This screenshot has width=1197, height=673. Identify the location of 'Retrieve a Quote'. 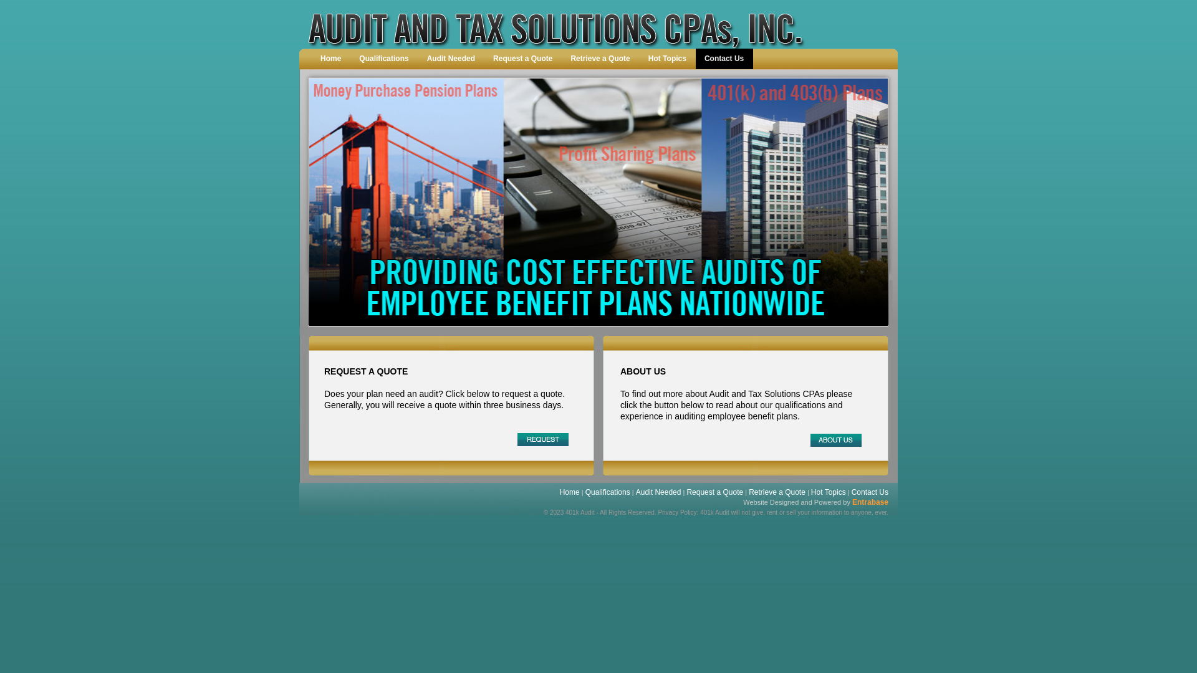
(561, 59).